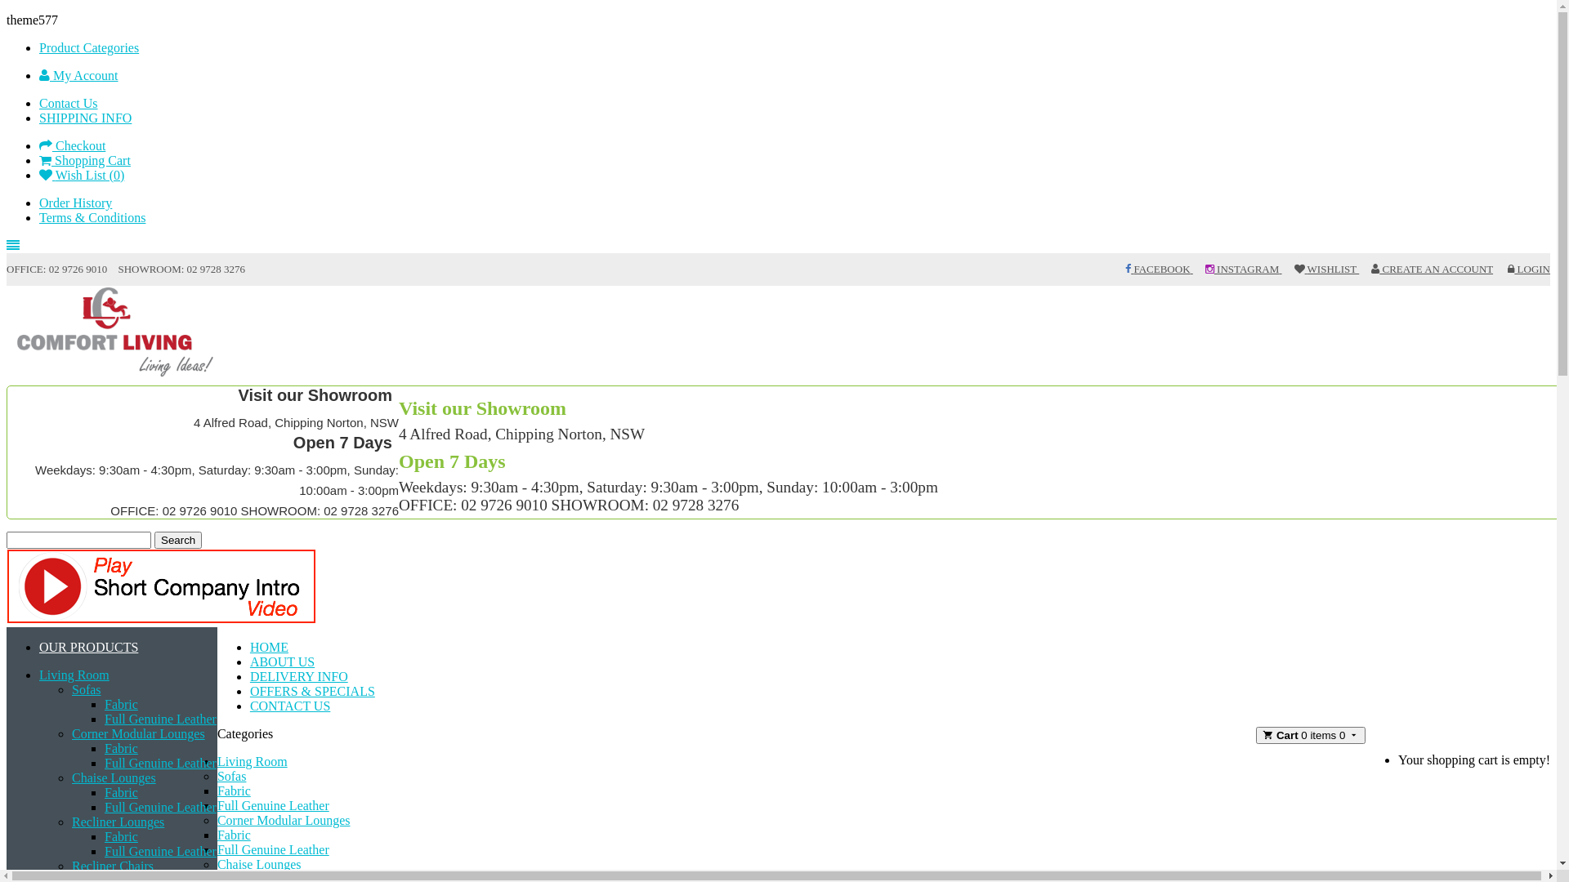 This screenshot has width=1569, height=882. I want to click on 'Wish List (0)', so click(81, 175).